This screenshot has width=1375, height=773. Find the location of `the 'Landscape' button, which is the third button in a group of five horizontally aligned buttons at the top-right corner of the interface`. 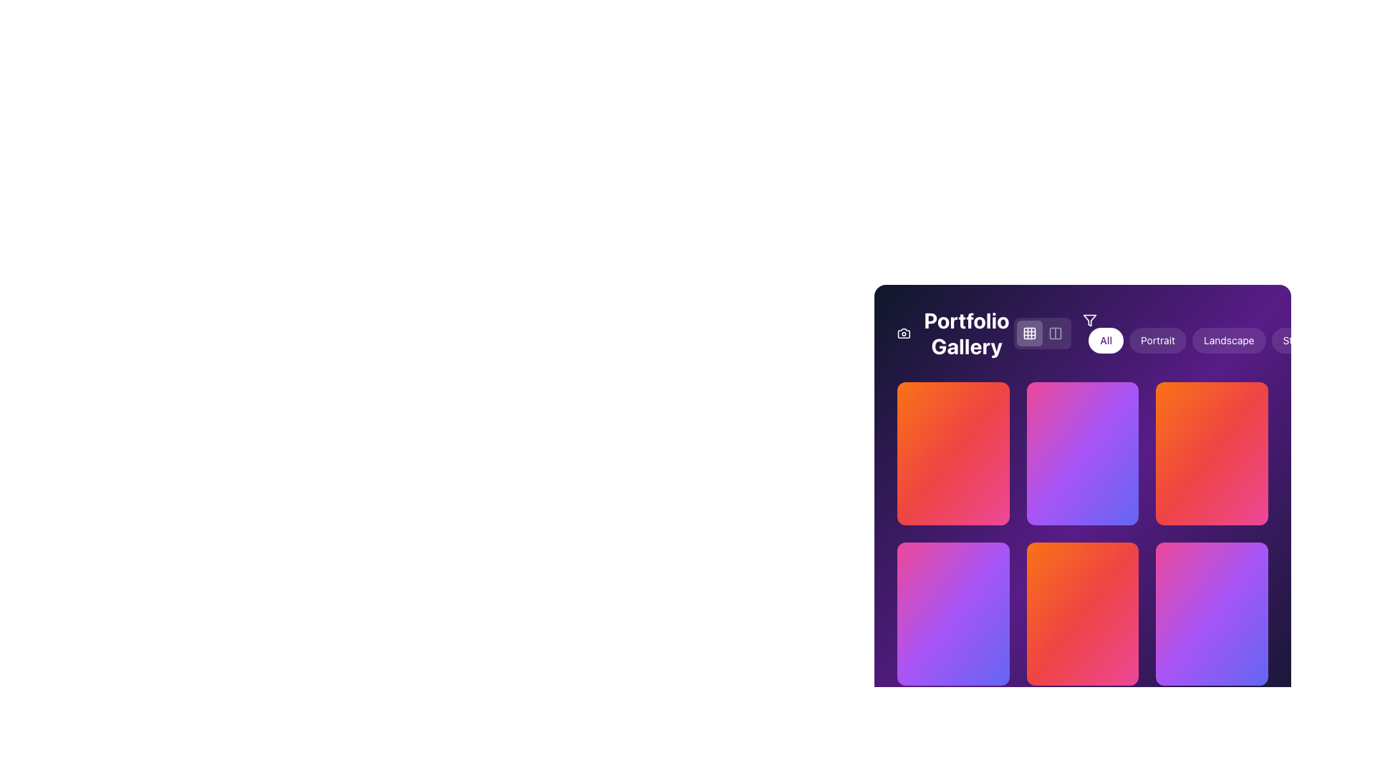

the 'Landscape' button, which is the third button in a group of five horizontally aligned buttons at the top-right corner of the interface is located at coordinates (1228, 340).